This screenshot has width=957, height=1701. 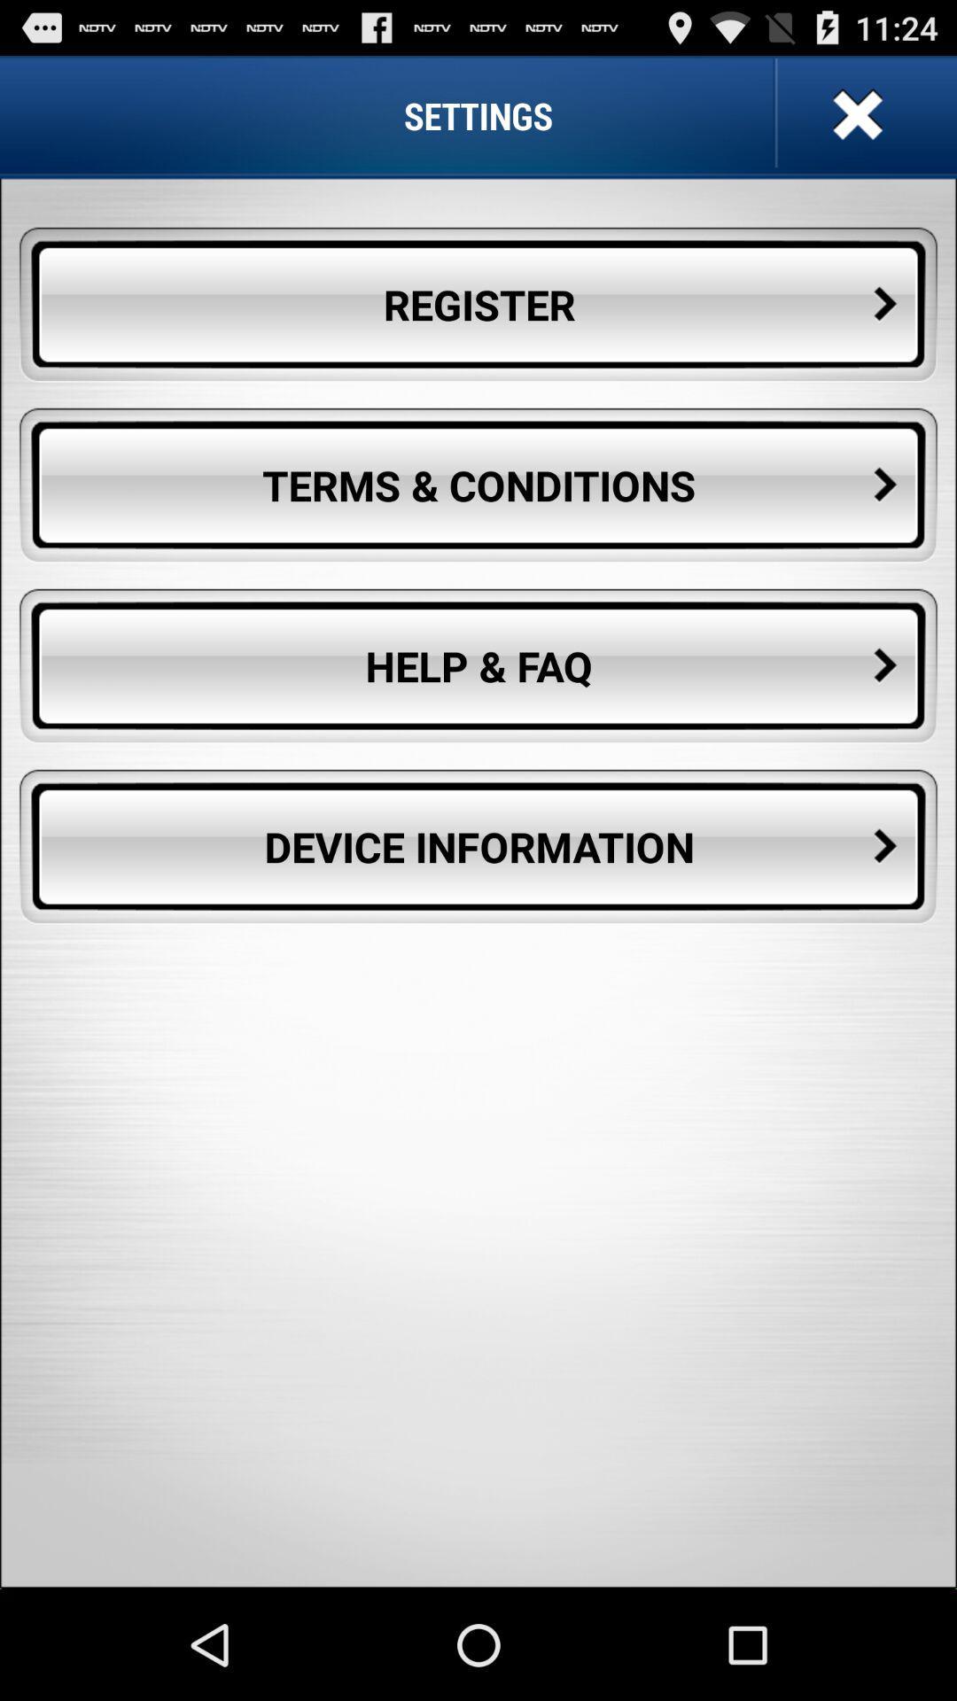 What do you see at coordinates (854, 114) in the screenshot?
I see `the icon next to settings icon` at bounding box center [854, 114].